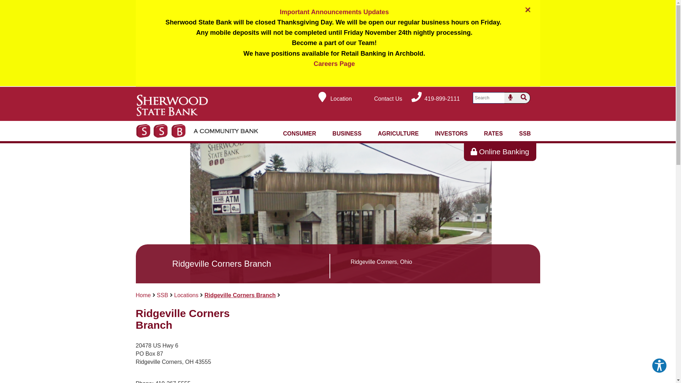 This screenshot has height=383, width=681. I want to click on 'Locations', so click(186, 295).